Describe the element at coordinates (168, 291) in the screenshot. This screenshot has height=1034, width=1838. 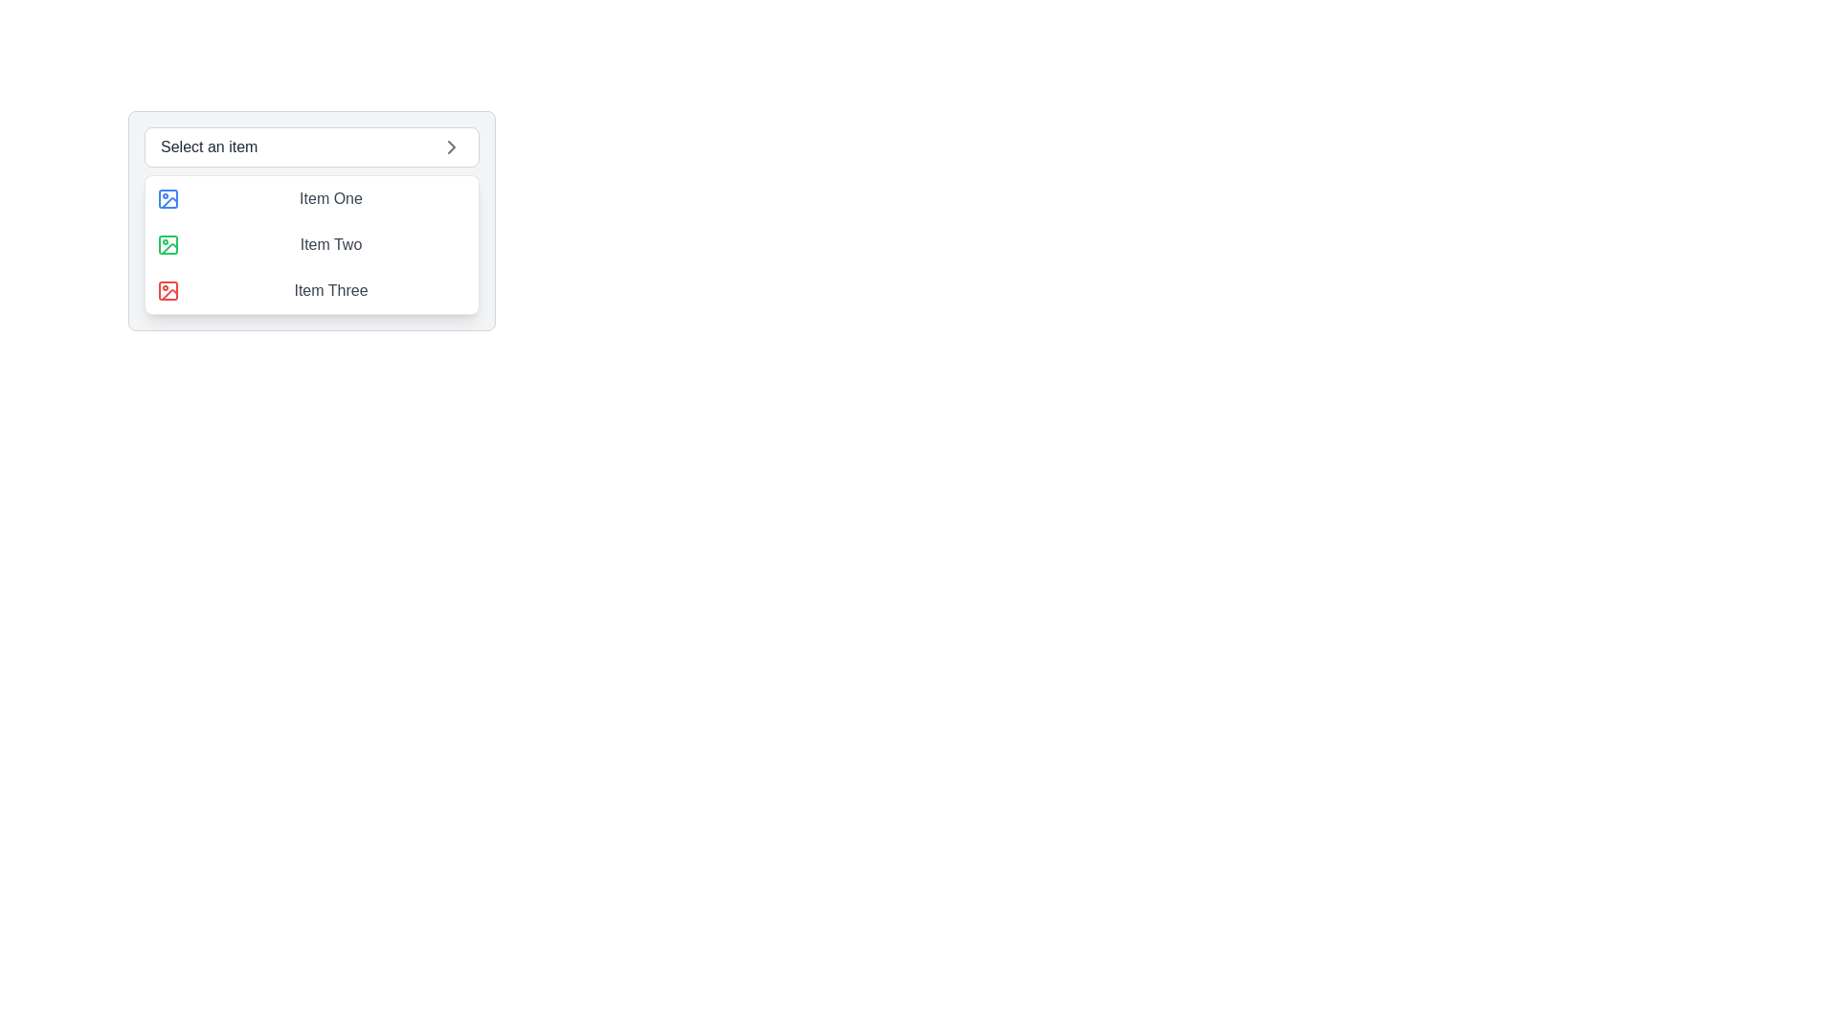
I see `the red rectangular shape with slightly rounded corners that is part of the 'Item Three' icon in the dropdown menu` at that location.